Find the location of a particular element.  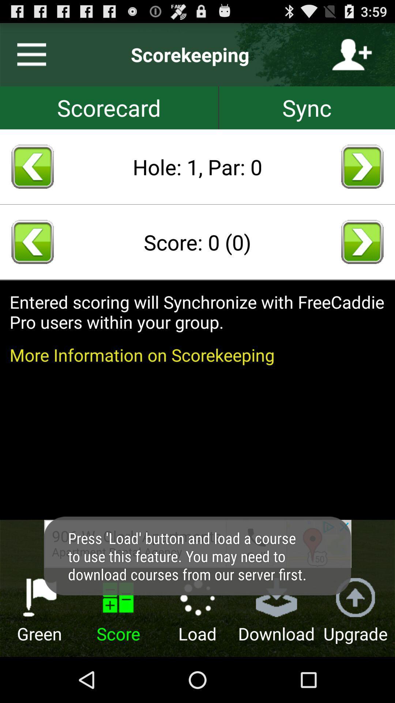

next is located at coordinates (362, 242).